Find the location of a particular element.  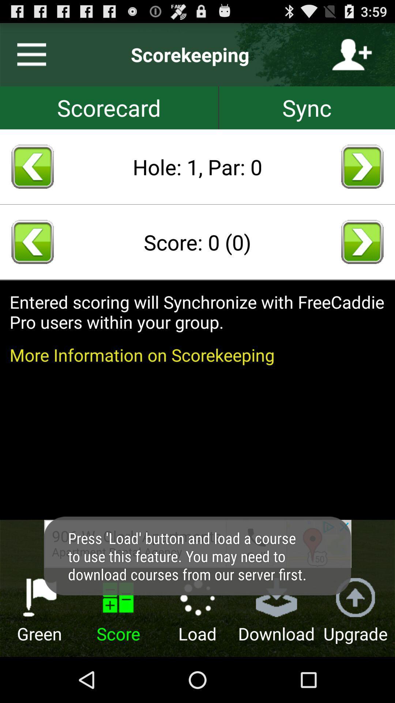

next is located at coordinates (362, 242).